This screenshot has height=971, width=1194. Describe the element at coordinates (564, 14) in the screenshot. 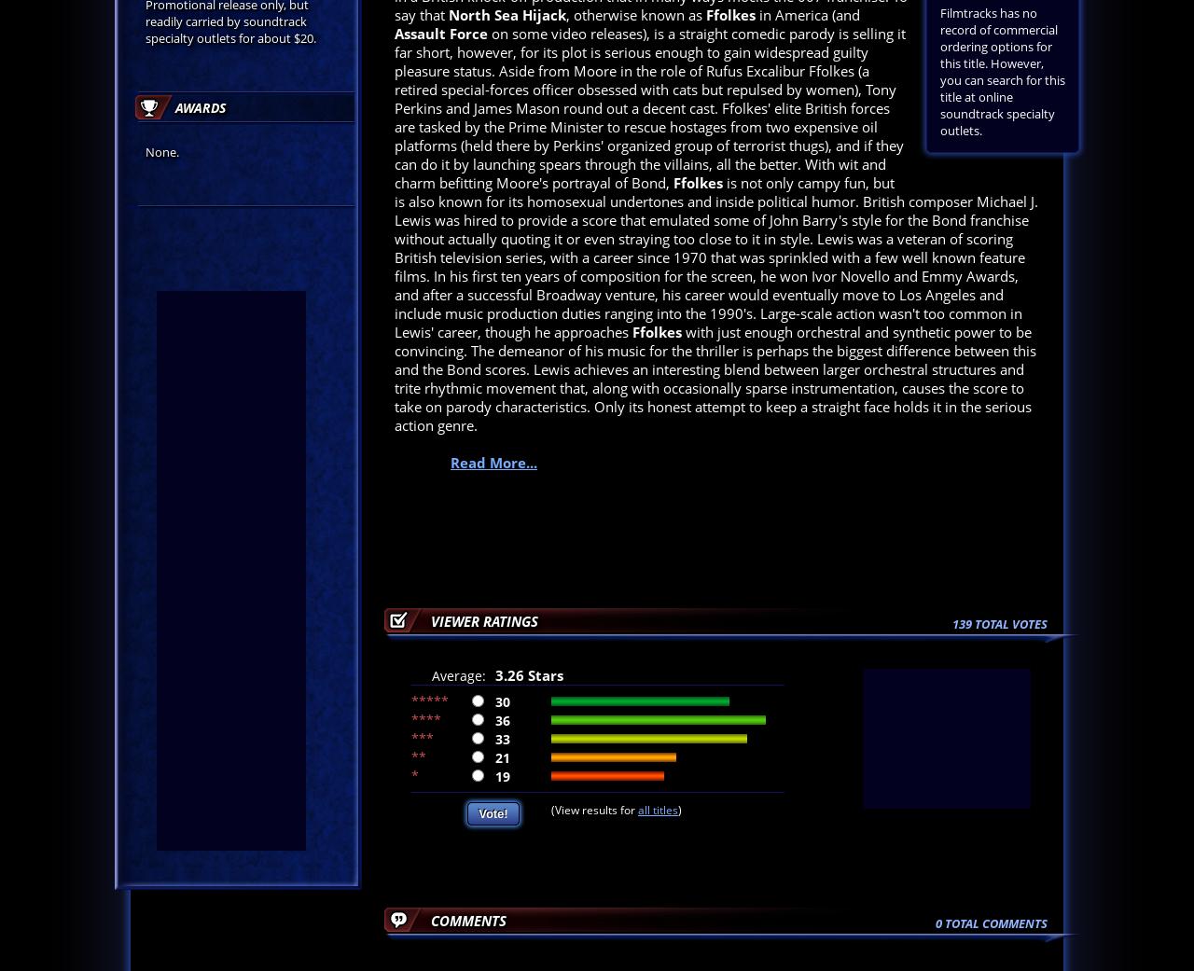

I see `', otherwise known as'` at that location.